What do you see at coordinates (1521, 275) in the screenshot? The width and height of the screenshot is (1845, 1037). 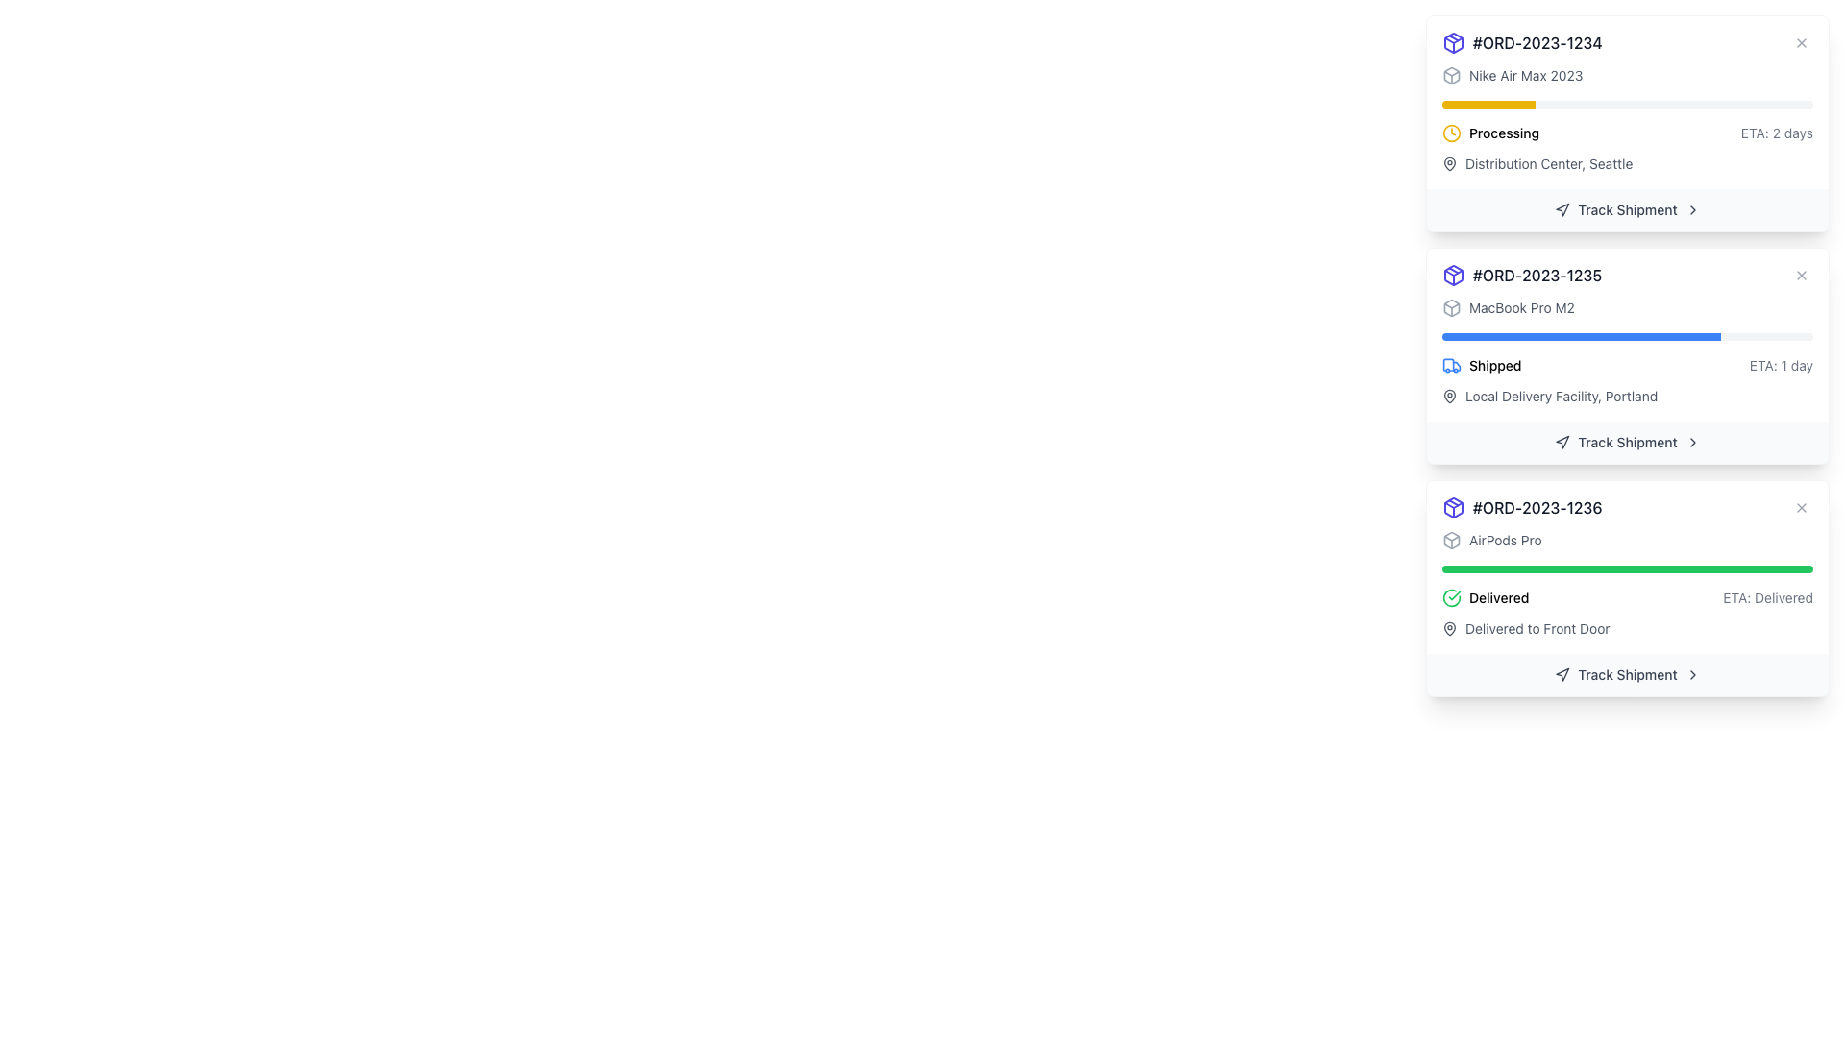 I see `the text label representing an order identifier, which is styled in bold gray font and prefixed with a hash symbol, located as the second item in a vertically stacked list of order identifiers` at bounding box center [1521, 275].